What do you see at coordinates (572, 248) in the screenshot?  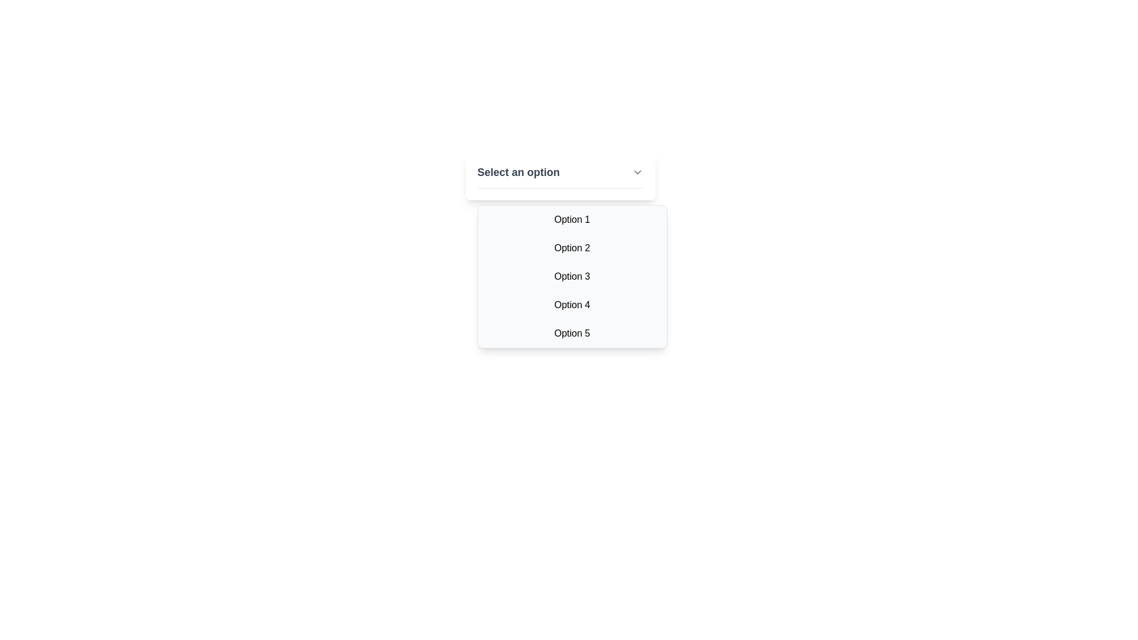 I see `the second item in the dropdown menu labeled 'Option 2'` at bounding box center [572, 248].